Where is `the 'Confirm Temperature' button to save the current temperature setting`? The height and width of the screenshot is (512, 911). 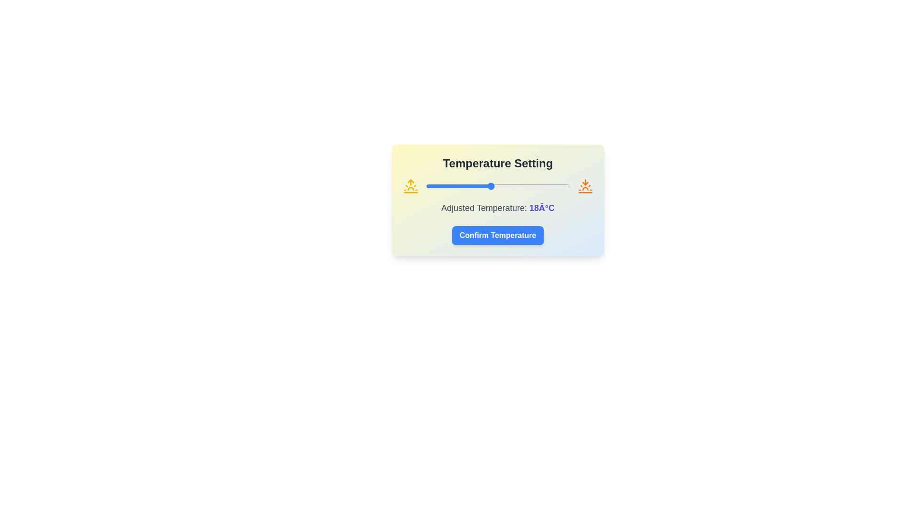 the 'Confirm Temperature' button to save the current temperature setting is located at coordinates (497, 235).